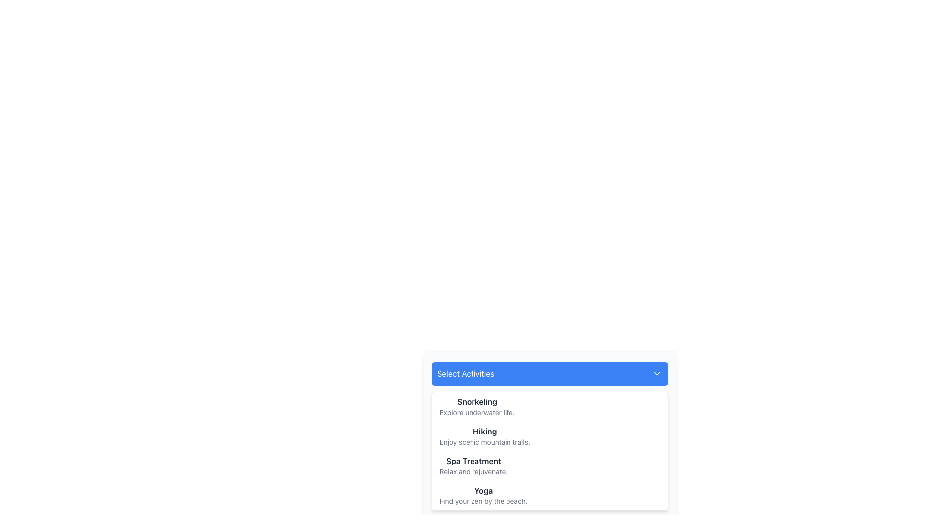  Describe the element at coordinates (473, 471) in the screenshot. I see `the static text element reading 'Relax and rejuvenate.' that is displayed in gray and located beneath the 'Spa Treatment' heading in the dropdown list of activities` at that location.